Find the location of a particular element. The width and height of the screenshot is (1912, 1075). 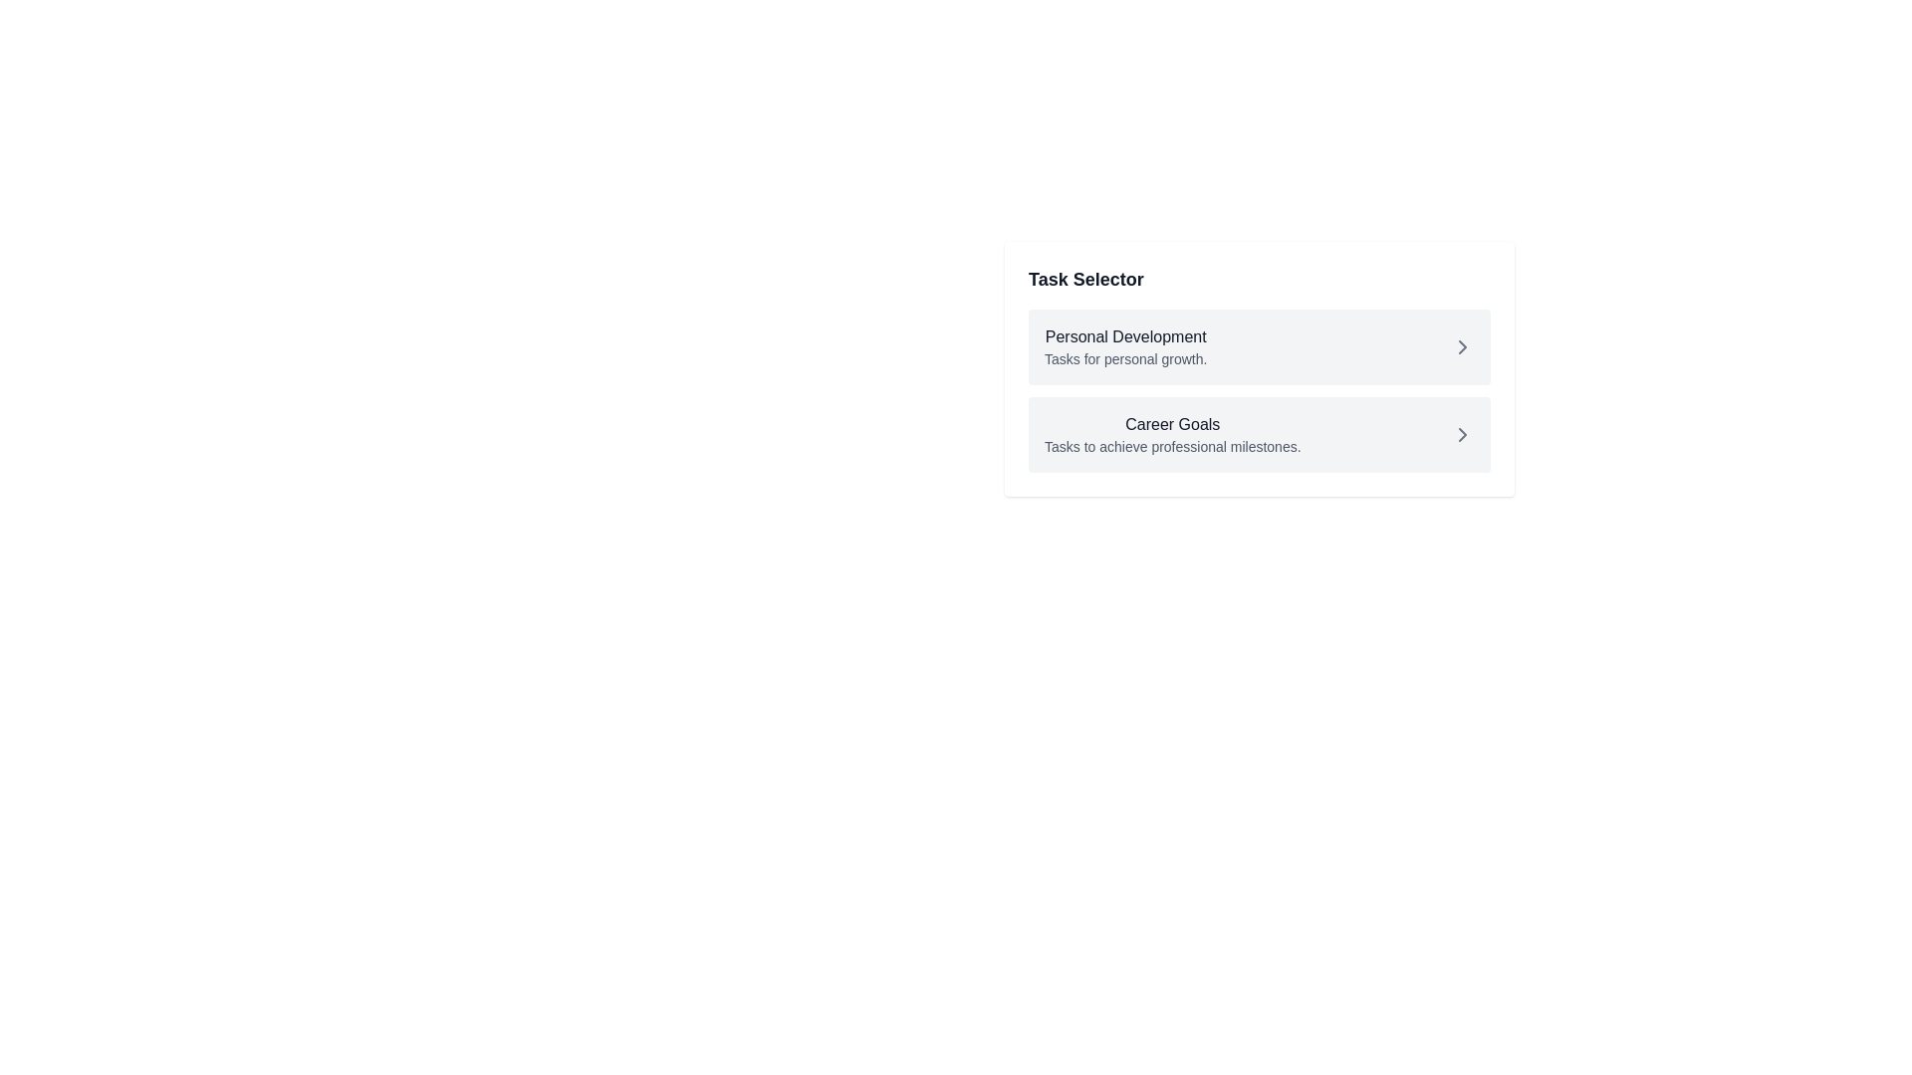

the second item is located at coordinates (1172, 433).